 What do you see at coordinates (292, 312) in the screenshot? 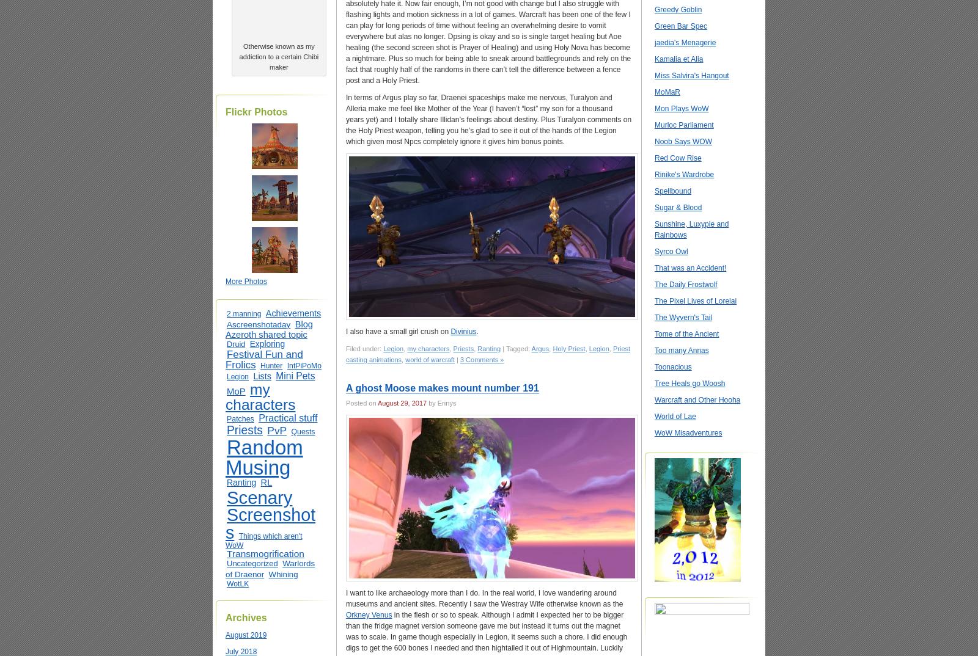
I see `'Achievements'` at bounding box center [292, 312].